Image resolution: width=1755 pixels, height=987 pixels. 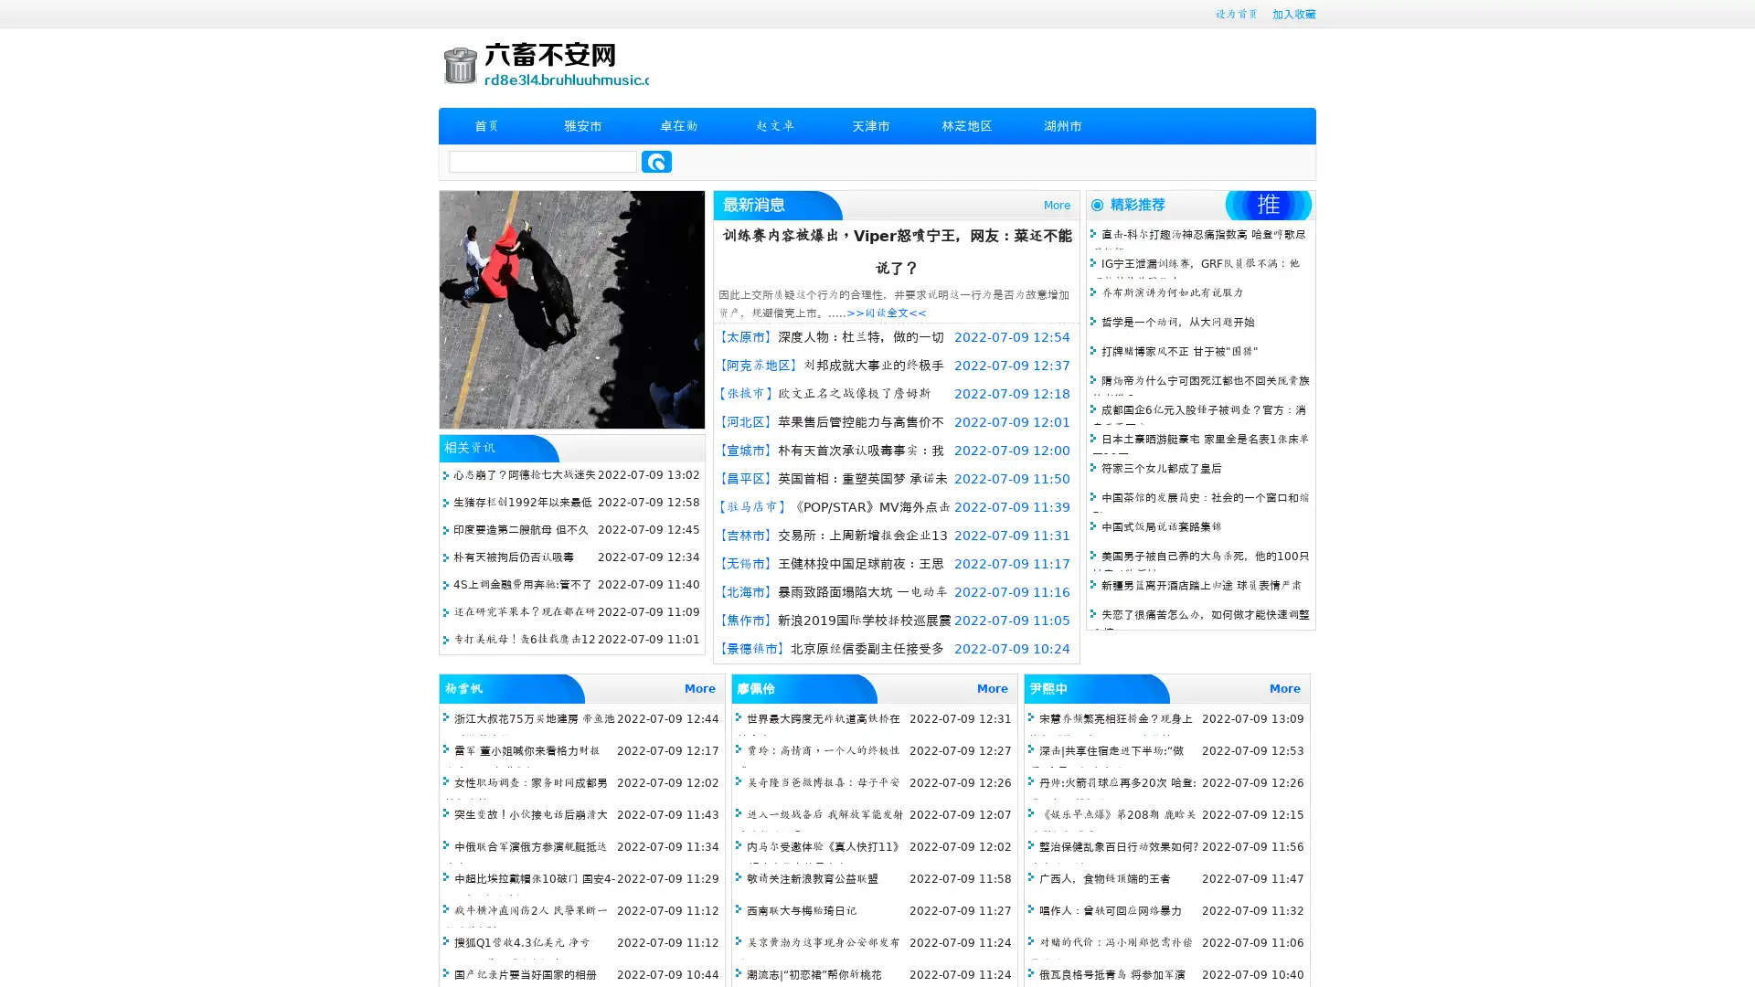 I want to click on Search, so click(x=656, y=161).